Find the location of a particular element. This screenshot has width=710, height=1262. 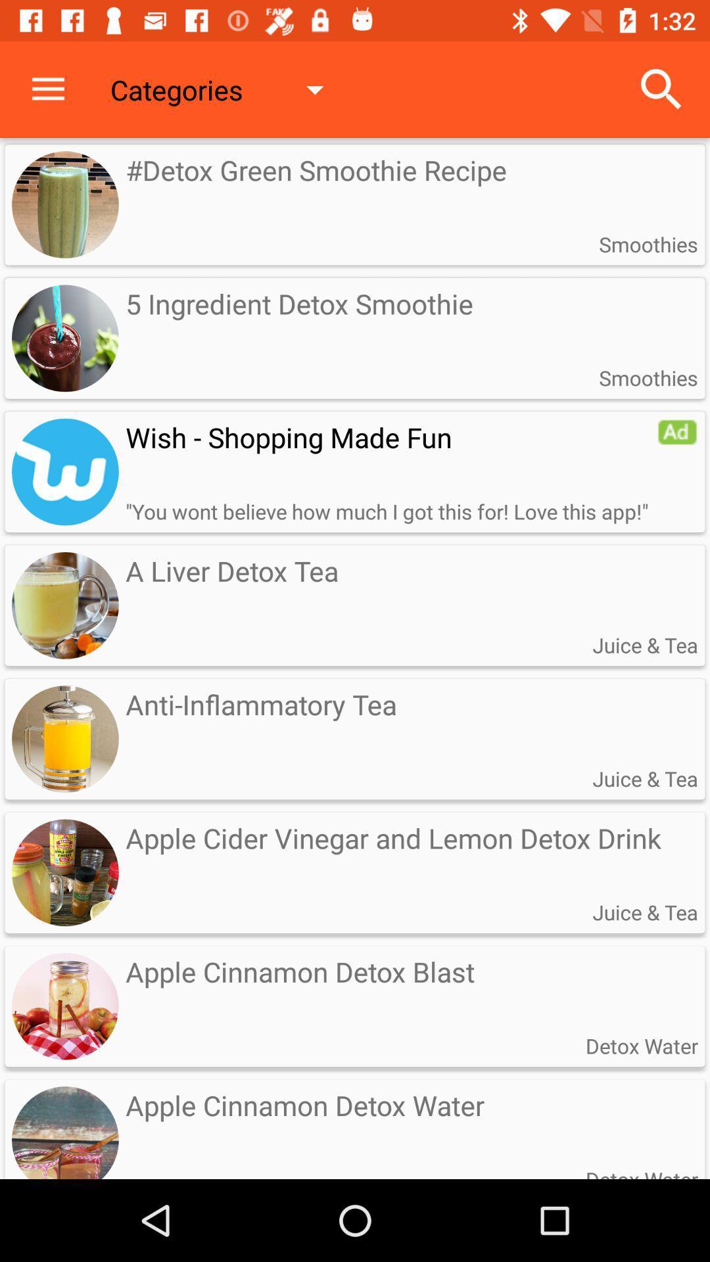

item below the smoothies is located at coordinates (677, 432).